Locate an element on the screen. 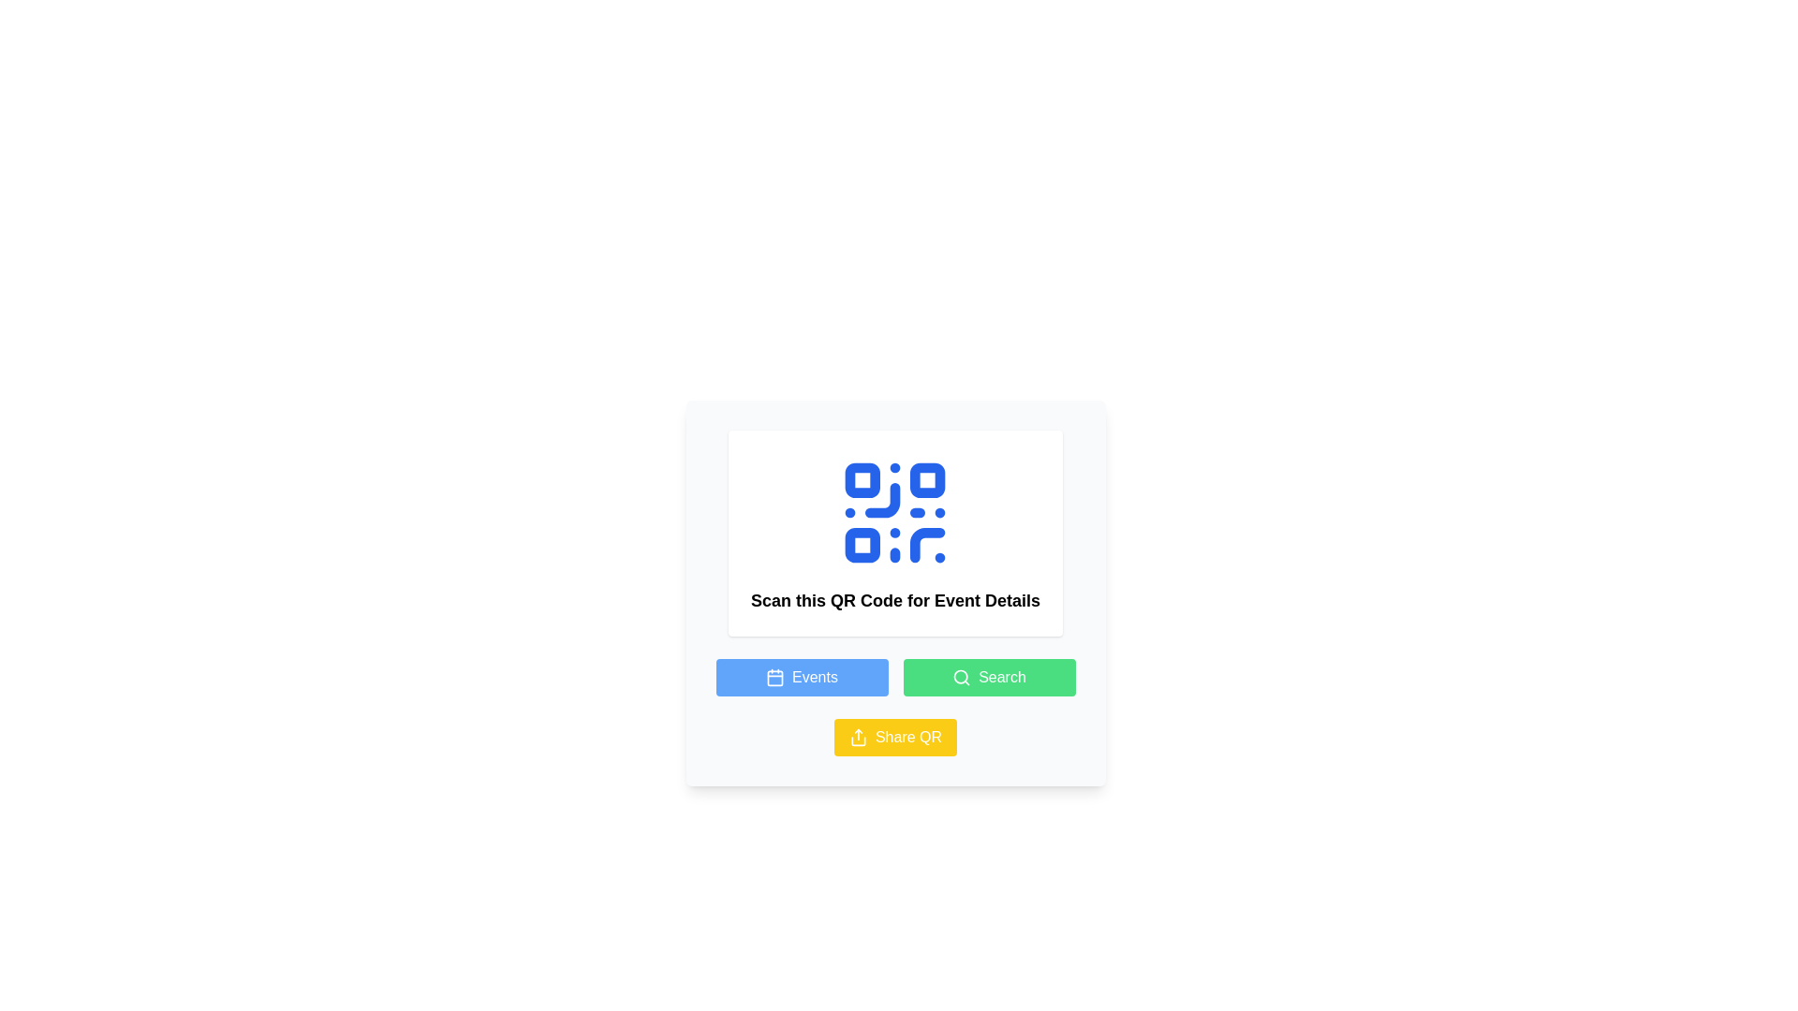 This screenshot has height=1011, width=1798. the yellow button labeled 'Share QR' is located at coordinates (894, 736).